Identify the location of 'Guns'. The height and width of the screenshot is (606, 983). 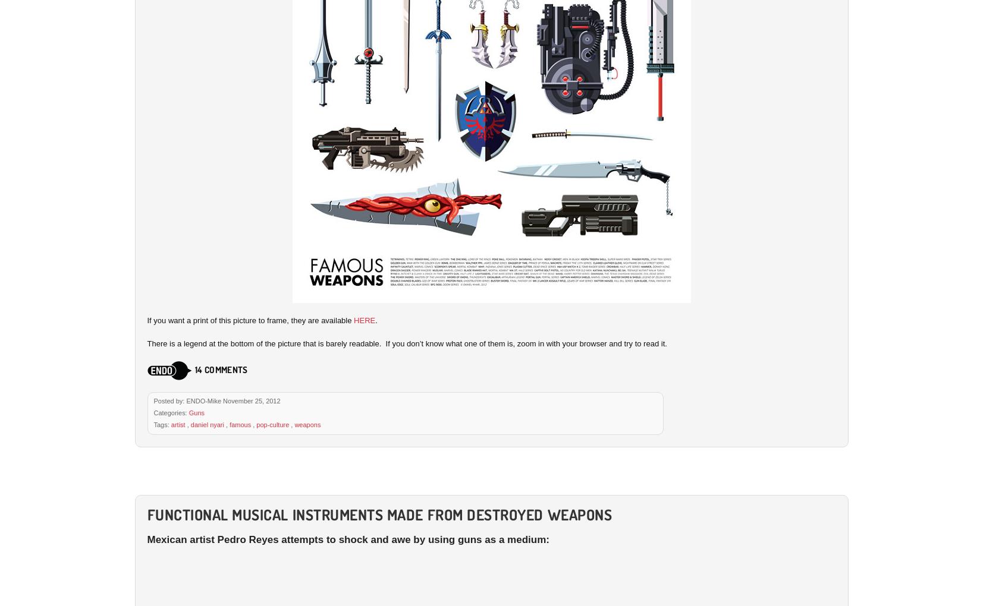
(196, 412).